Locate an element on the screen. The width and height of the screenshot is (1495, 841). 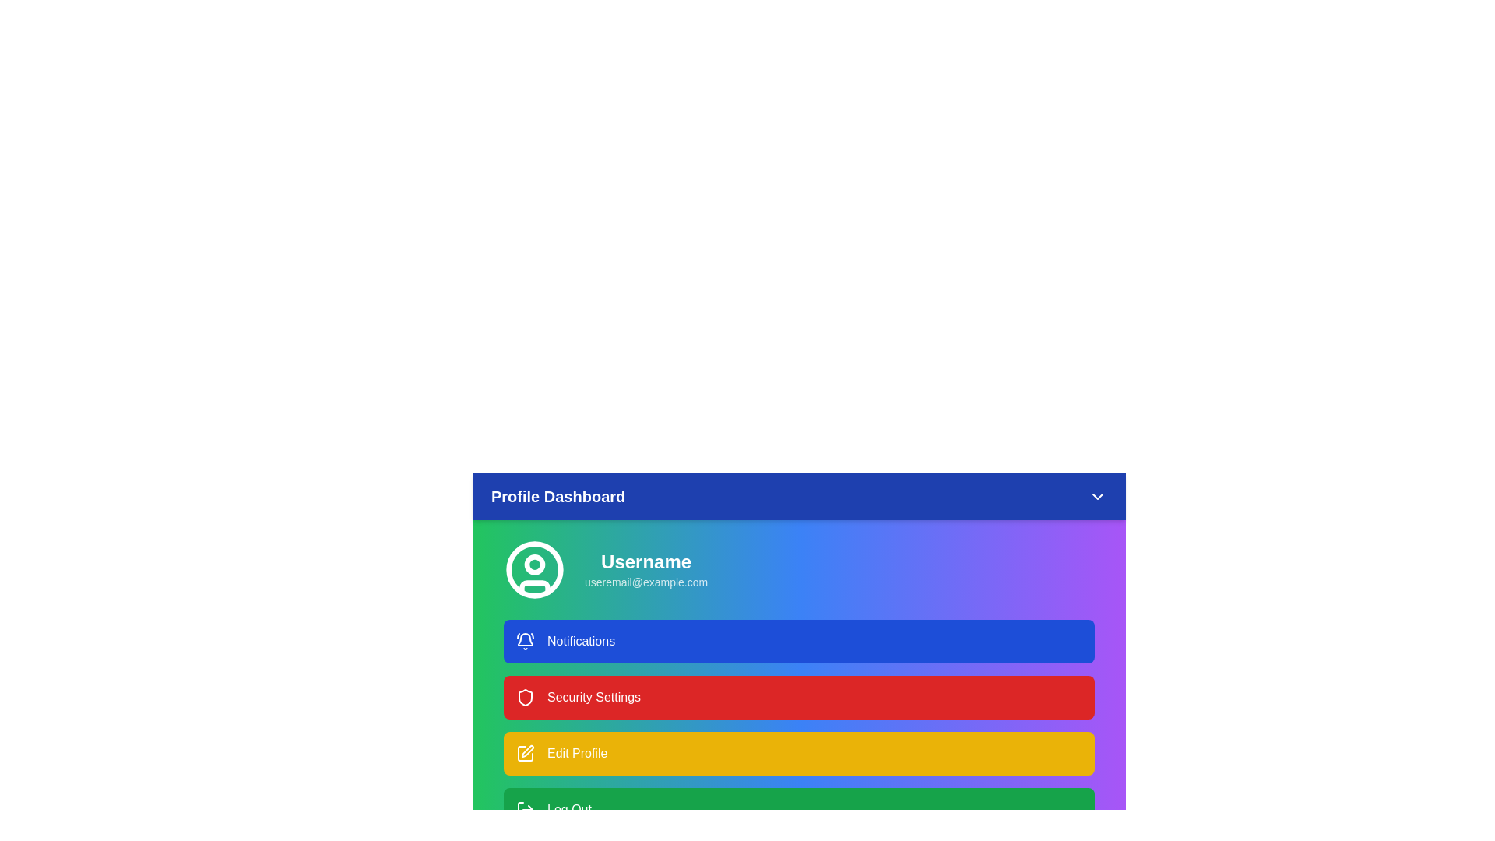
the header text 'Profile Dashboard' to inspect it is located at coordinates (558, 496).